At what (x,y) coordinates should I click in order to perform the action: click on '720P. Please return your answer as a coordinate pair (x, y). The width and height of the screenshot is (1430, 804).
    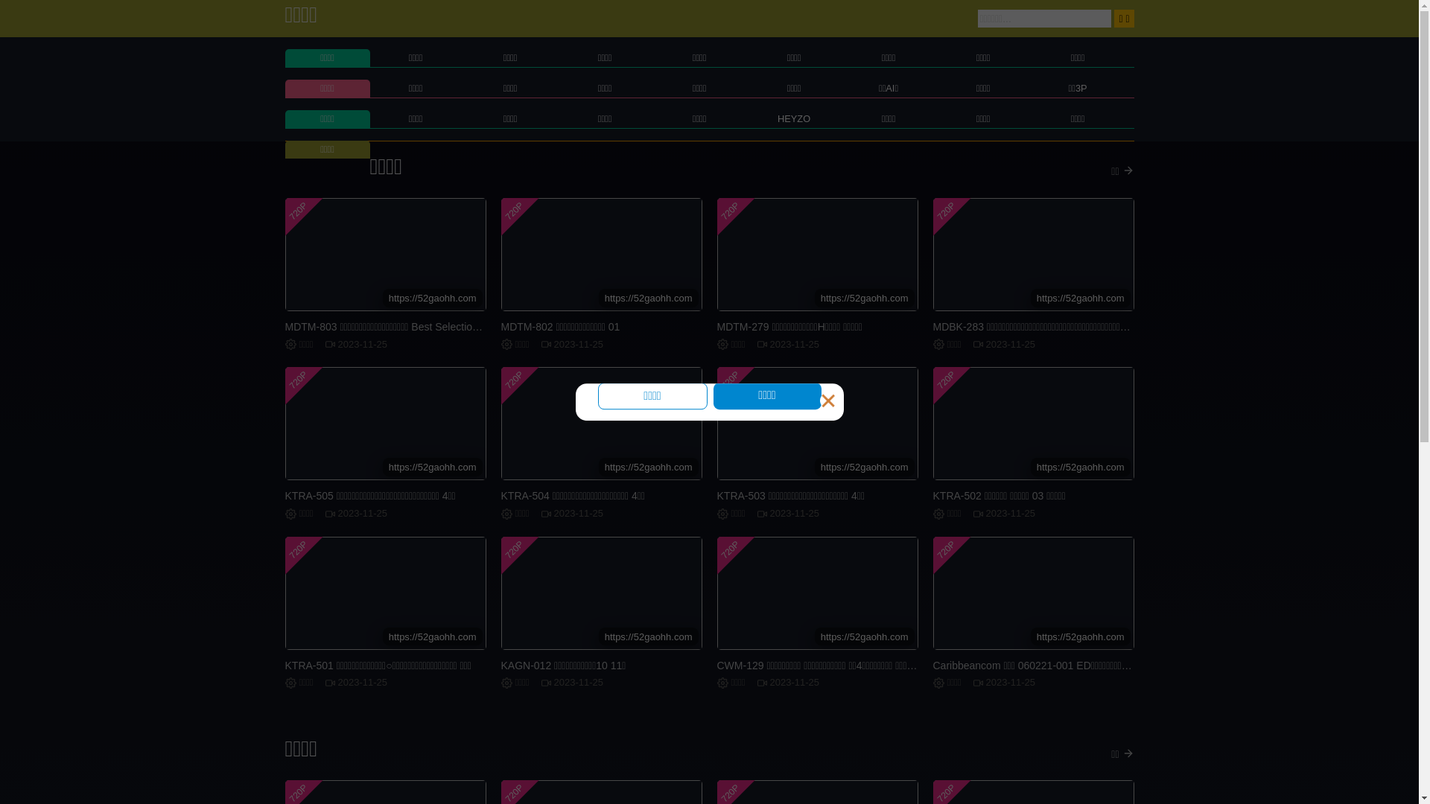
    Looking at the image, I should click on (385, 424).